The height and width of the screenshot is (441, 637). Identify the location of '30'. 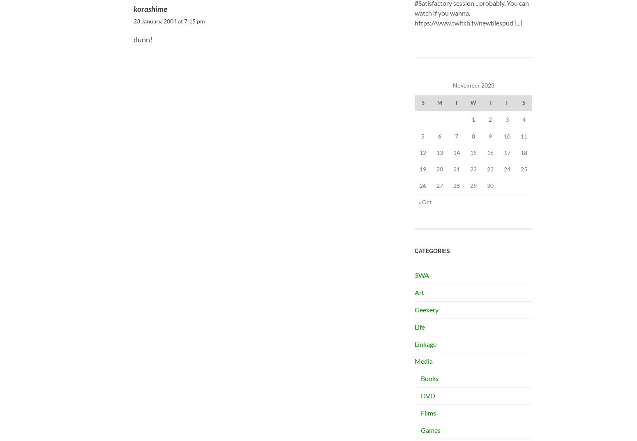
(489, 185).